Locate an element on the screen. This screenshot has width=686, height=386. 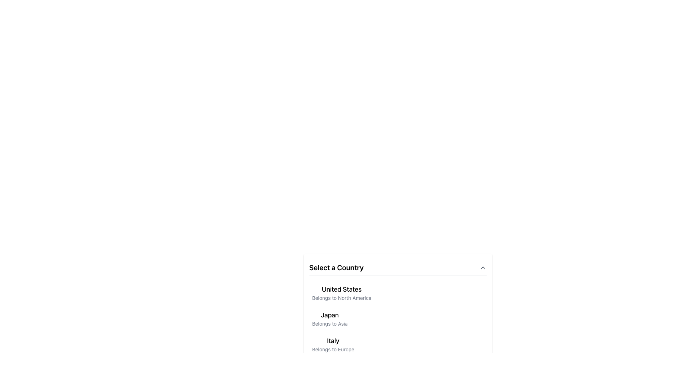
the text label displaying 'Belongs to Asia', which is a smaller, gray-colored subtext located directly below the bolded text 'Japan' is located at coordinates (329, 324).